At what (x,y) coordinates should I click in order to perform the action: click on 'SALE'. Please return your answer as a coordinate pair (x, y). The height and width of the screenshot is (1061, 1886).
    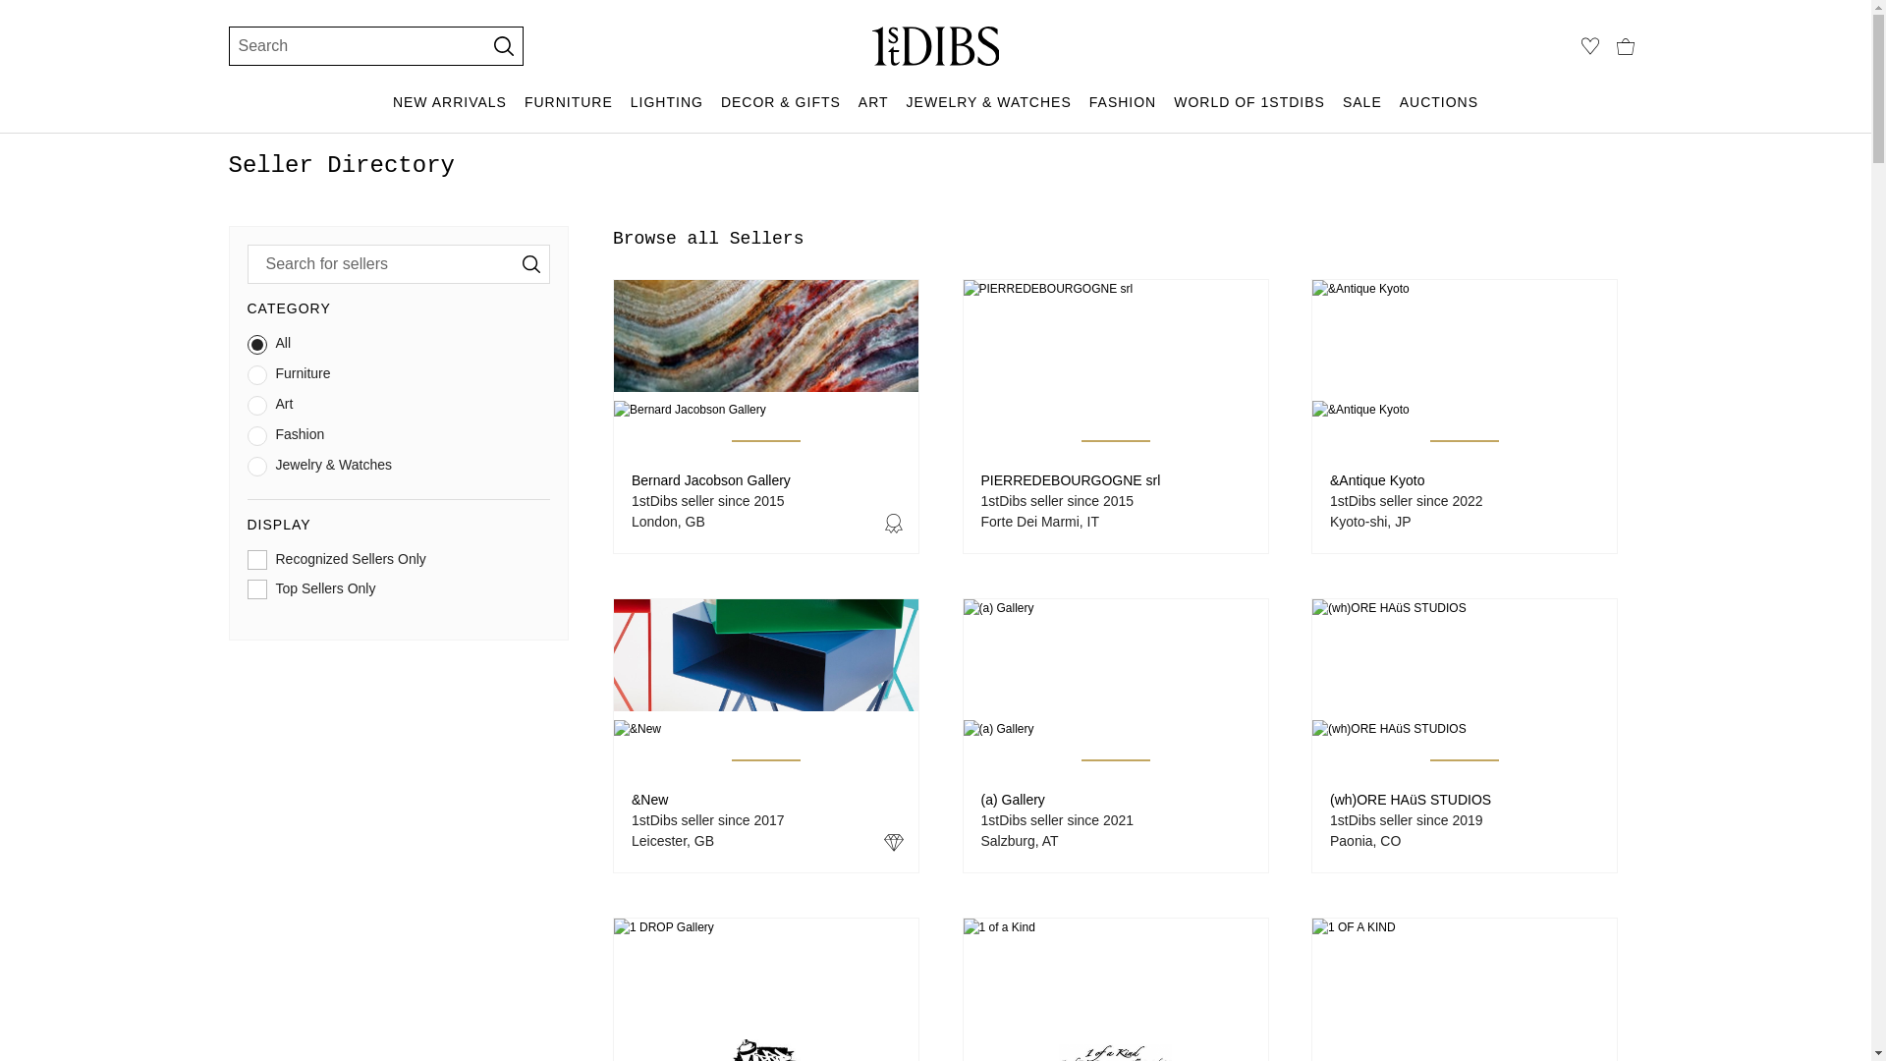
    Looking at the image, I should click on (1361, 112).